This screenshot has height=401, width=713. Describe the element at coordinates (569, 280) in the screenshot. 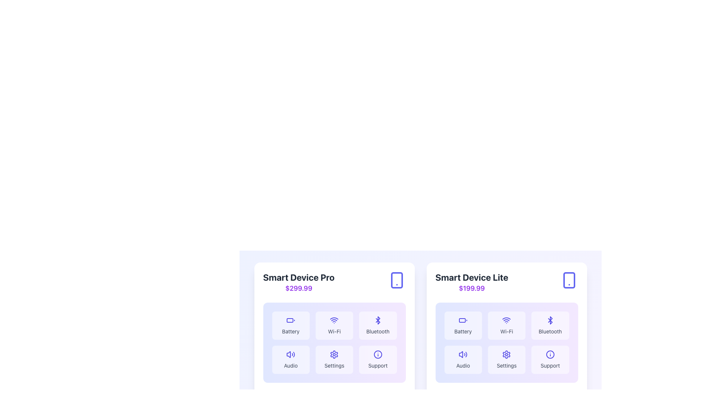

I see `the graphical icon part, which is a rectangular element with rounded corners located in the top-right section of the 'Smart Device Lite' card` at that location.